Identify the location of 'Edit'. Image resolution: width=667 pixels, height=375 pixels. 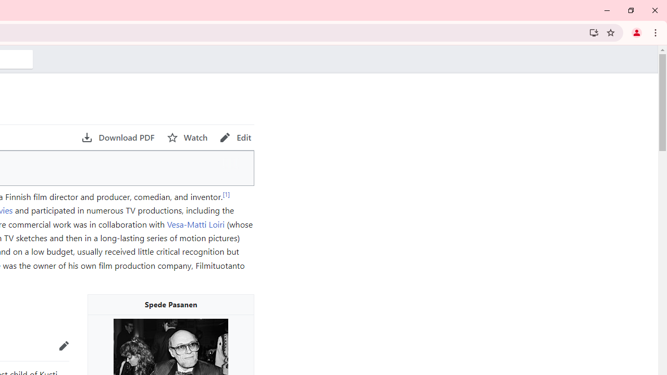
(235, 137).